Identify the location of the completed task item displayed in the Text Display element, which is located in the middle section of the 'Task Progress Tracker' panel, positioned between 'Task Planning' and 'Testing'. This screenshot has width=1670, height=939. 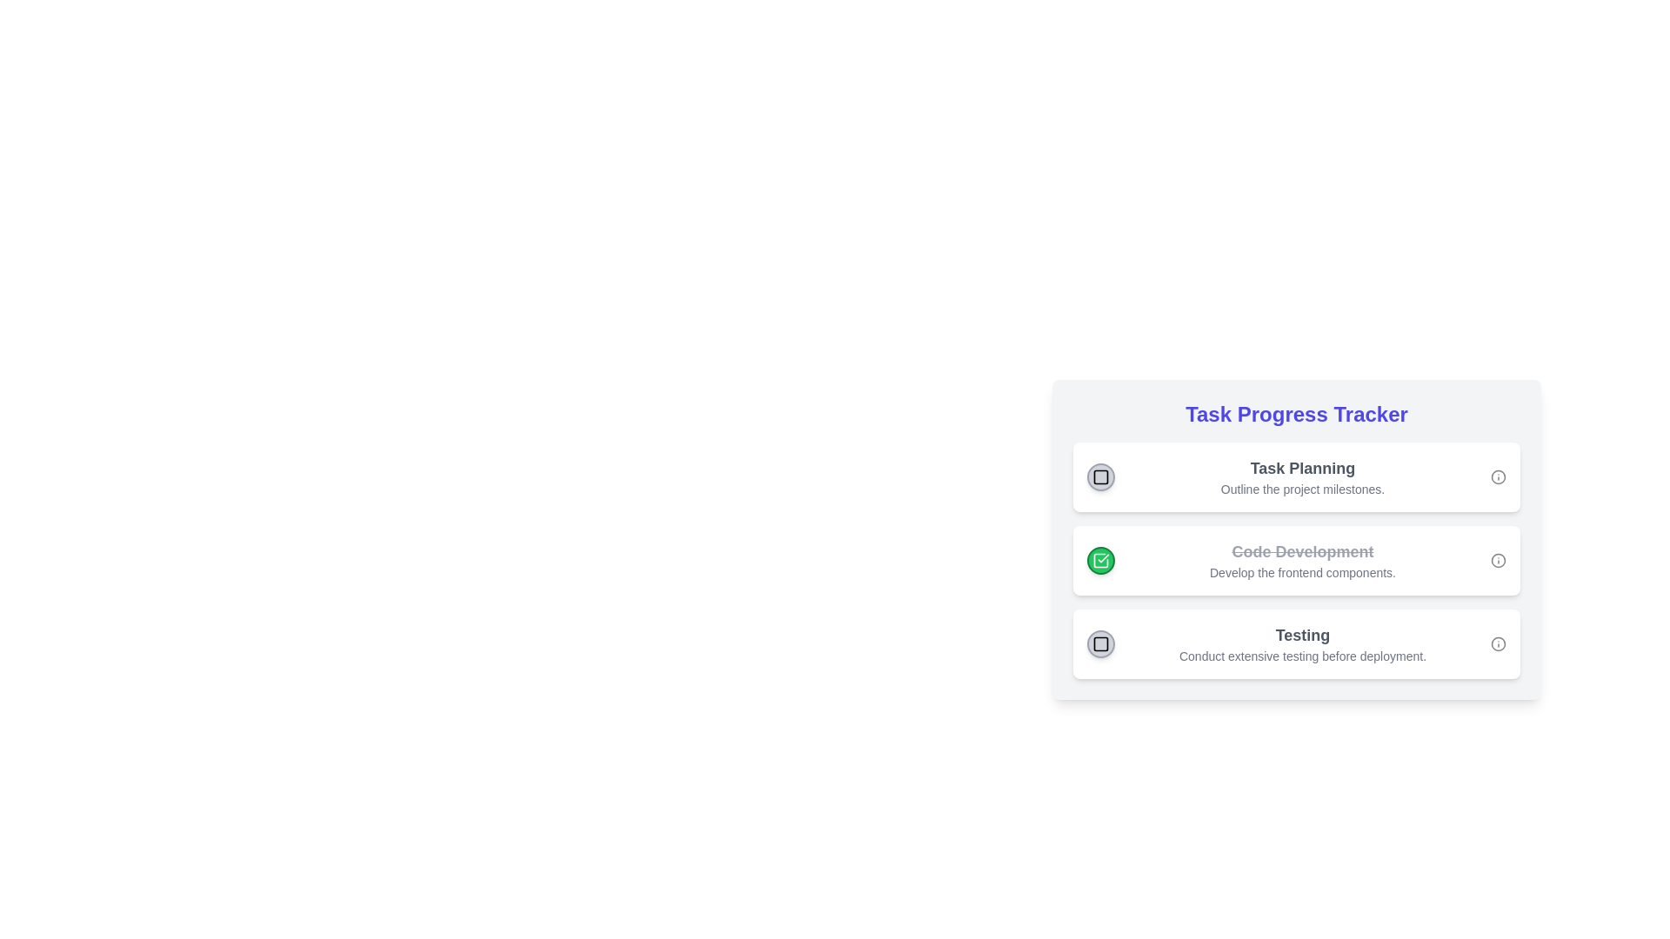
(1302, 560).